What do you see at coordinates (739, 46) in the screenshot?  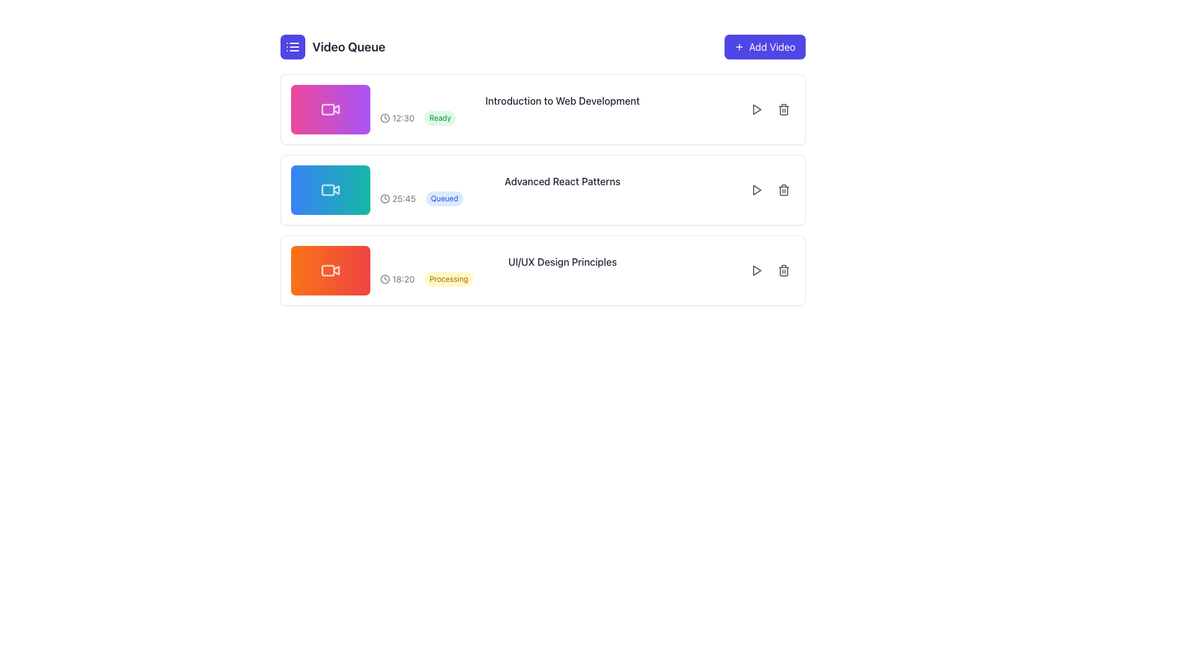 I see `the 'Add Video' icon located to the left of the text label within the 'Add Video' button in the top-right corner of the interface` at bounding box center [739, 46].